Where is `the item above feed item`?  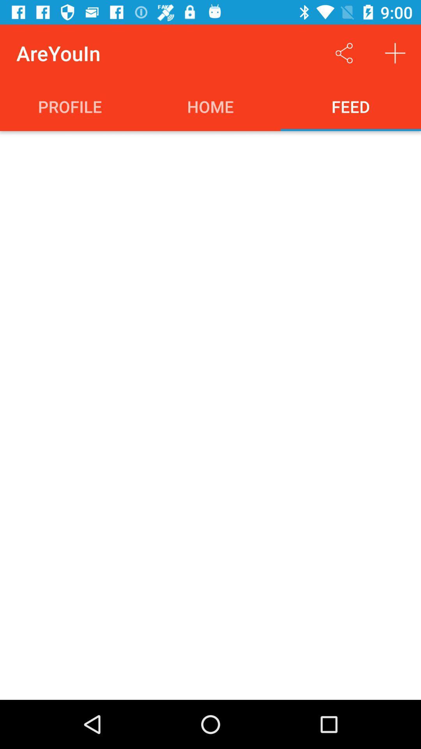 the item above feed item is located at coordinates (395, 53).